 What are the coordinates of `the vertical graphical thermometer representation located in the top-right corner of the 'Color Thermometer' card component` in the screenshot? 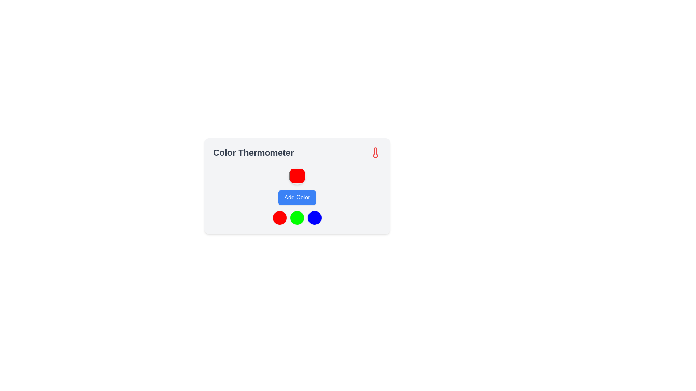 It's located at (376, 152).